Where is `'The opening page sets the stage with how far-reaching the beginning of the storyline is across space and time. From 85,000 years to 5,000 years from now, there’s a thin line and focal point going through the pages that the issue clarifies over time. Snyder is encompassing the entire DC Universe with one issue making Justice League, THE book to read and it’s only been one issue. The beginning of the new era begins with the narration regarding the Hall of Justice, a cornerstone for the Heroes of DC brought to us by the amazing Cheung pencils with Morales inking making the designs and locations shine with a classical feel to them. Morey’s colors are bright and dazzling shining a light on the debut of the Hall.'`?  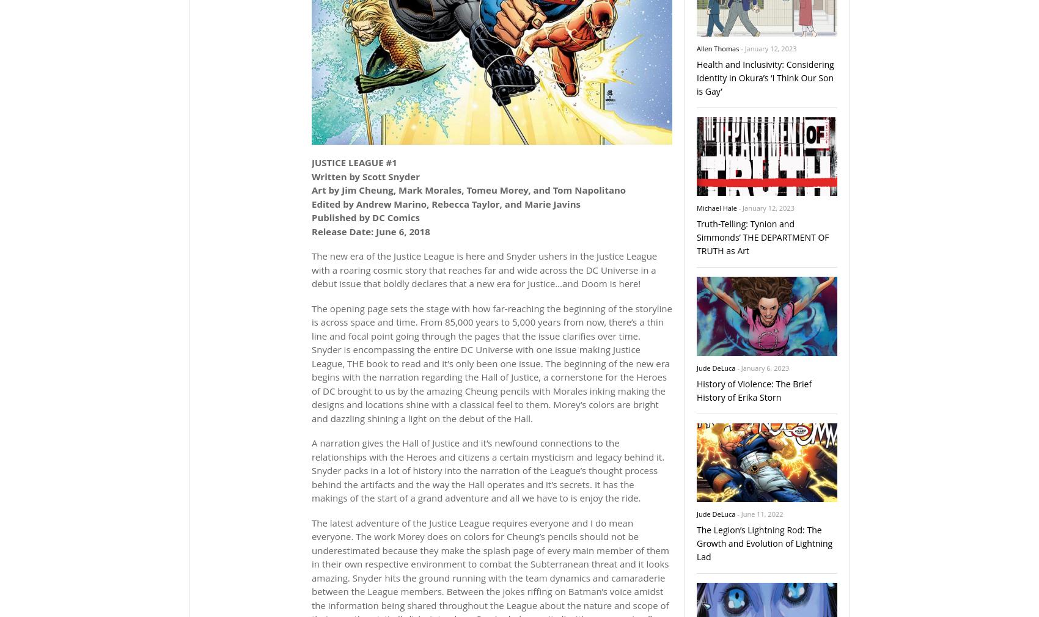
'The opening page sets the stage with how far-reaching the beginning of the storyline is across space and time. From 85,000 years to 5,000 years from now, there’s a thin line and focal point going through the pages that the issue clarifies over time. Snyder is encompassing the entire DC Universe with one issue making Justice League, THE book to read and it’s only been one issue. The beginning of the new era begins with the narration regarding the Hall of Justice, a cornerstone for the Heroes of DC brought to us by the amazing Cheung pencils with Morales inking making the designs and locations shine with a classical feel to them. Morey’s colors are bright and dazzling shining a light on the debut of the Hall.' is located at coordinates (312, 362).